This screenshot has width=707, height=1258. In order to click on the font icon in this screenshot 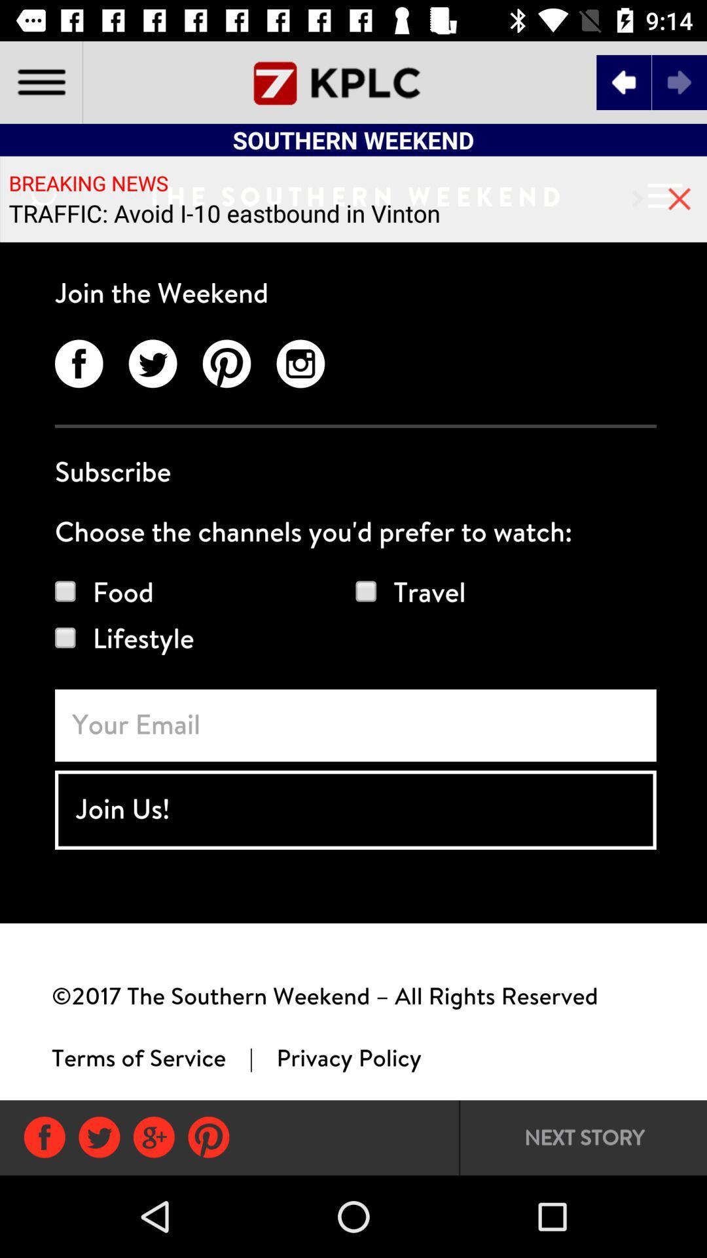, I will do `click(353, 81)`.